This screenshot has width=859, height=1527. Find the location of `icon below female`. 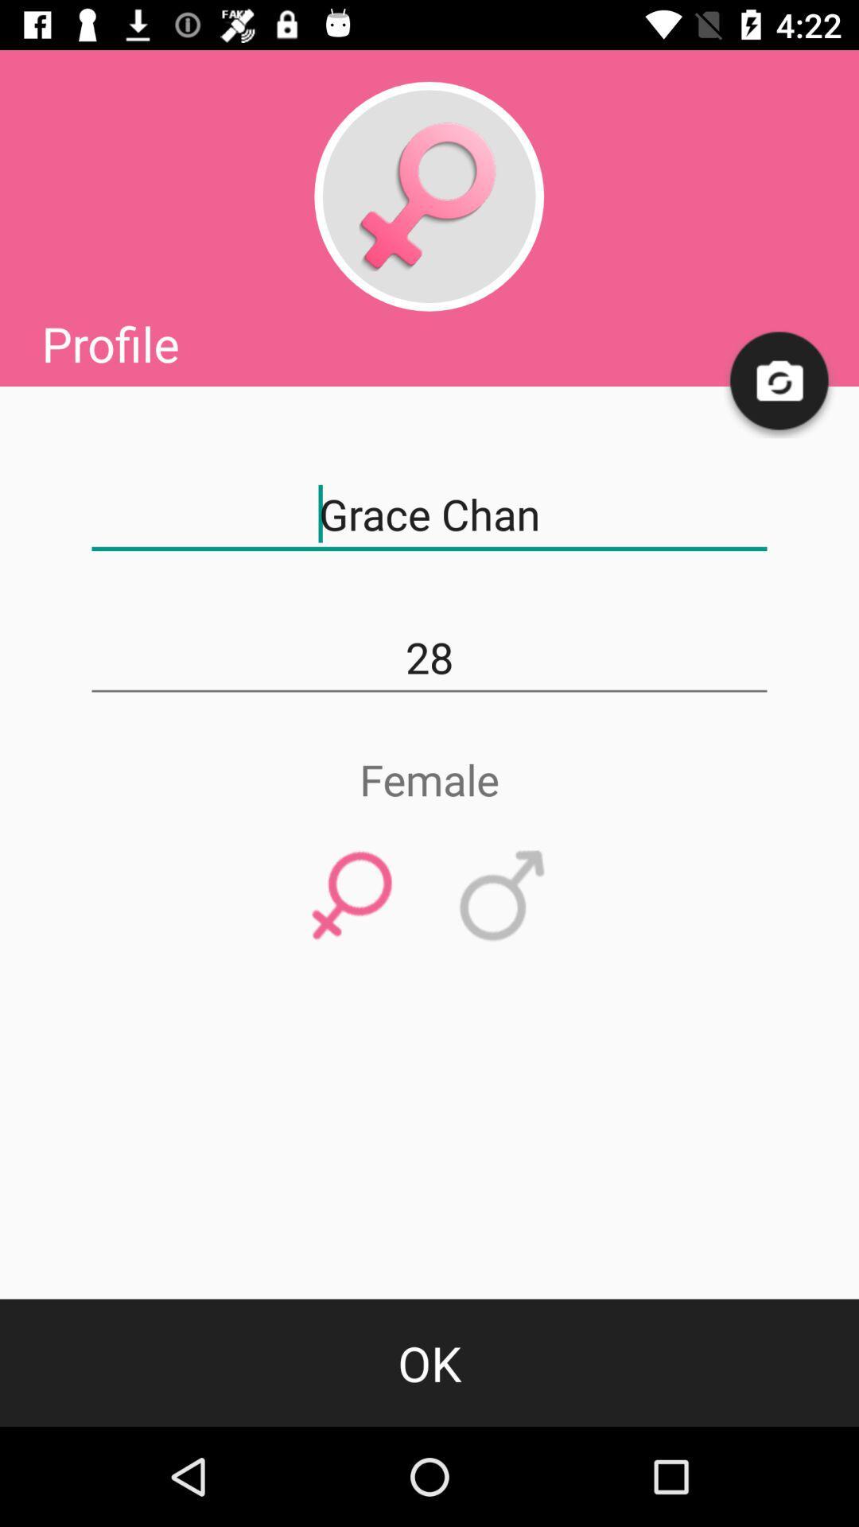

icon below female is located at coordinates (503, 896).